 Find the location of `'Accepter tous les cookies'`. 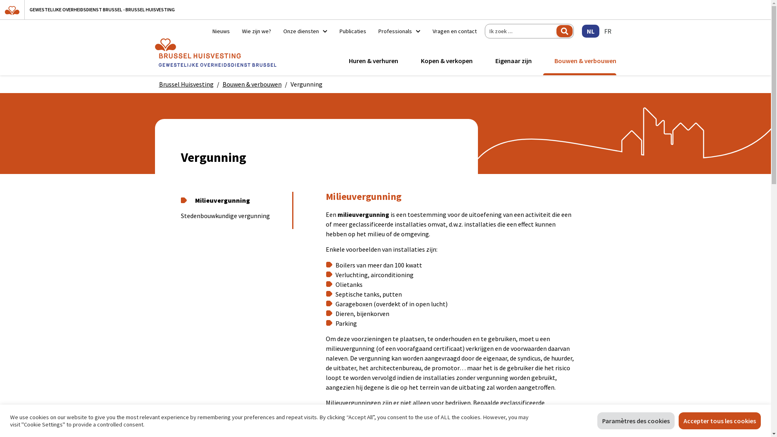

'Accepter tous les cookies' is located at coordinates (720, 420).